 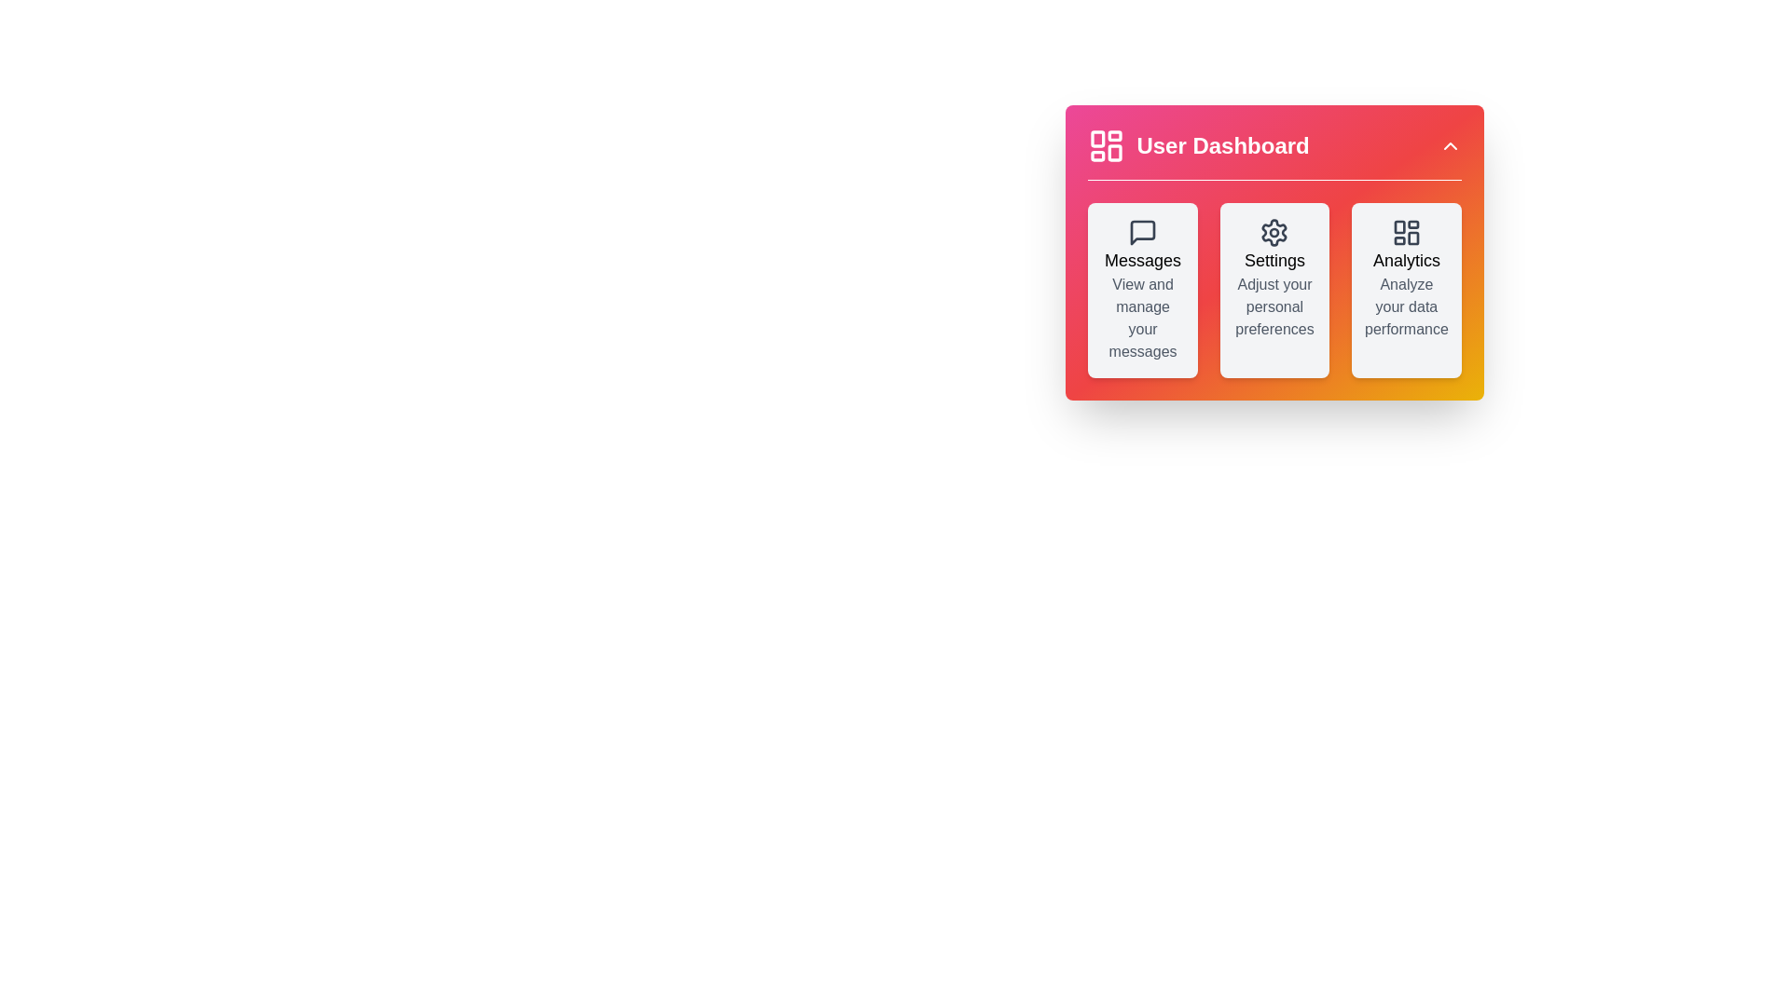 I want to click on the 'Settings' card located in the center column of the grid under 'User Dashboard', so click(x=1274, y=291).